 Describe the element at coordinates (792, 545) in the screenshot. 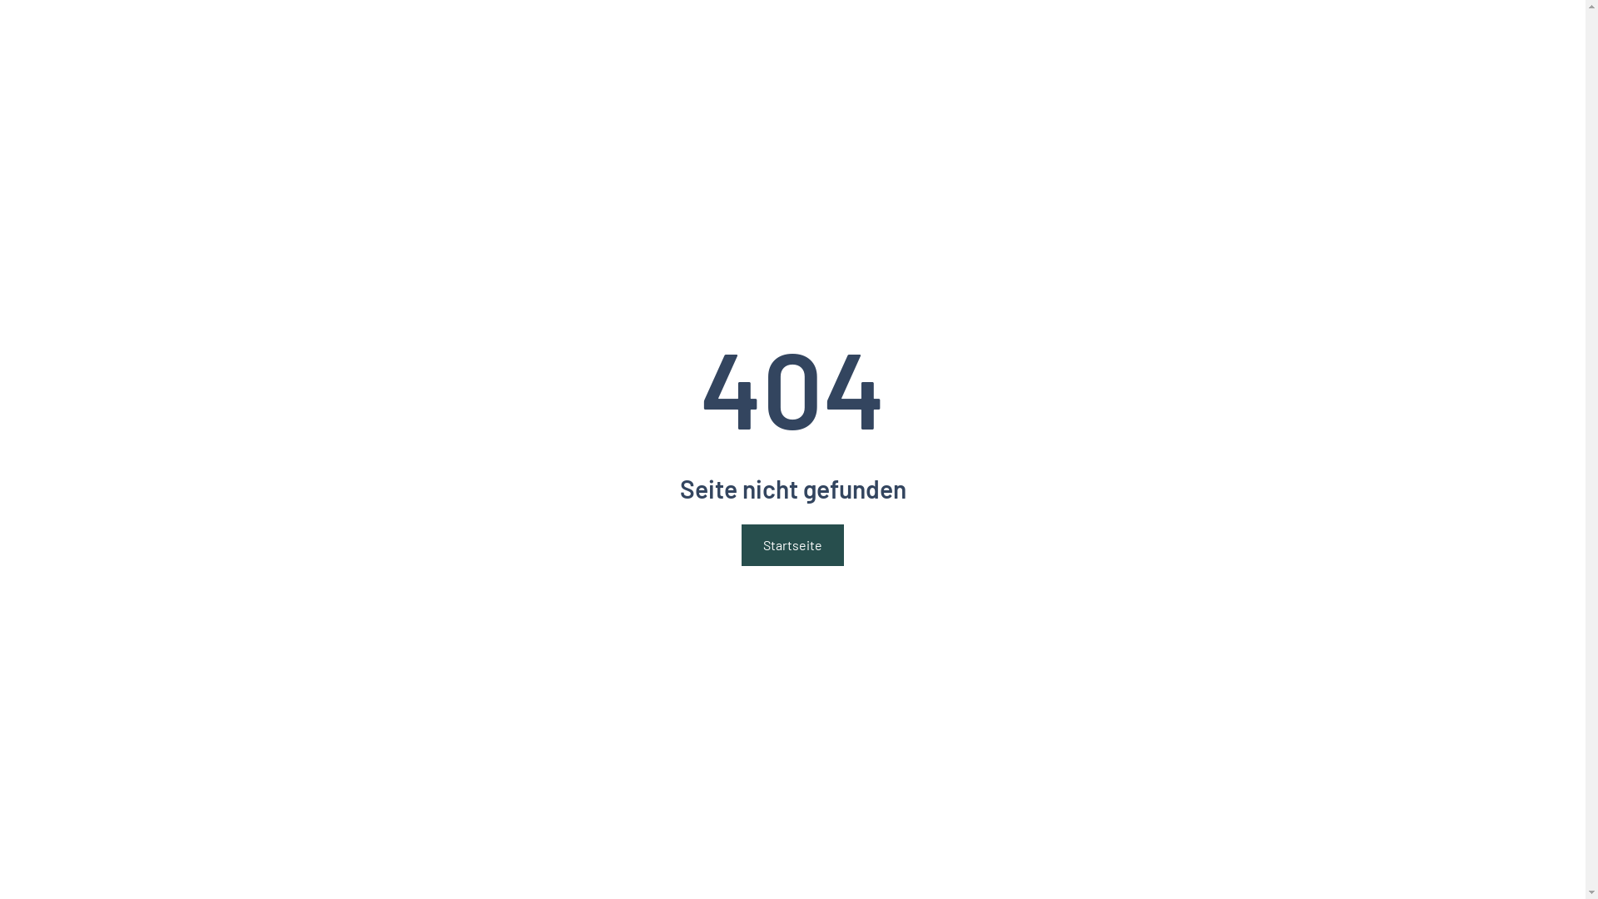

I see `'Startseite'` at that location.